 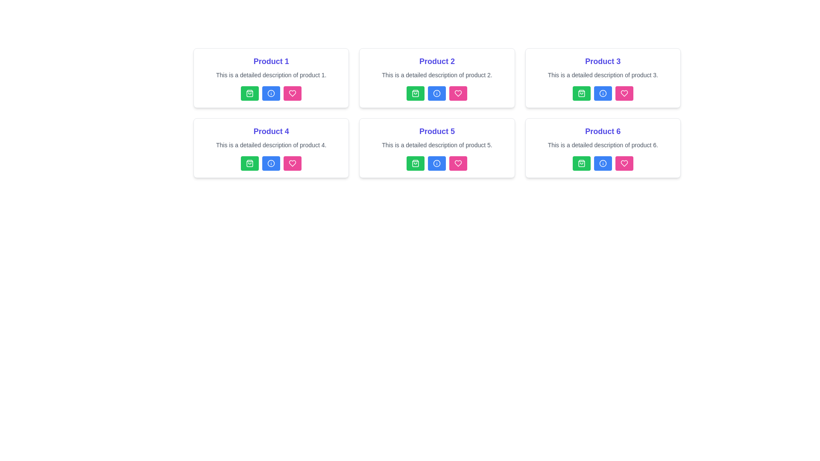 What do you see at coordinates (437, 163) in the screenshot?
I see `the circular interactive icon with an outlined information symbol ('i') inside, located in the fifth product card, second column of the third row` at bounding box center [437, 163].